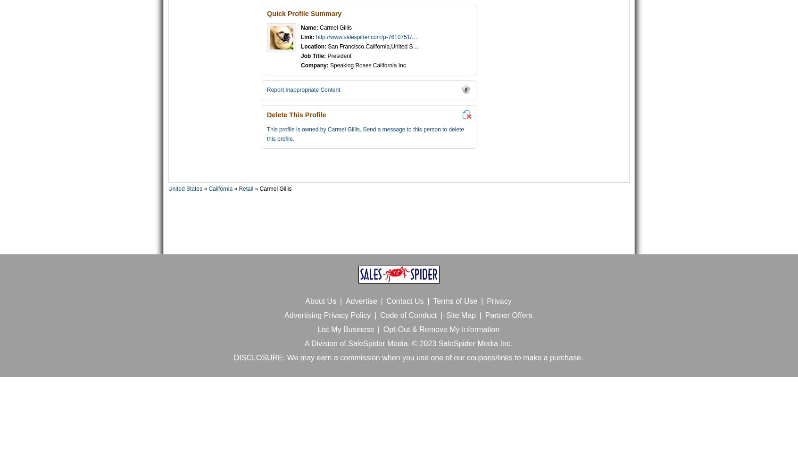 The image size is (798, 471). I want to click on 'Code of Conduct', so click(407, 315).